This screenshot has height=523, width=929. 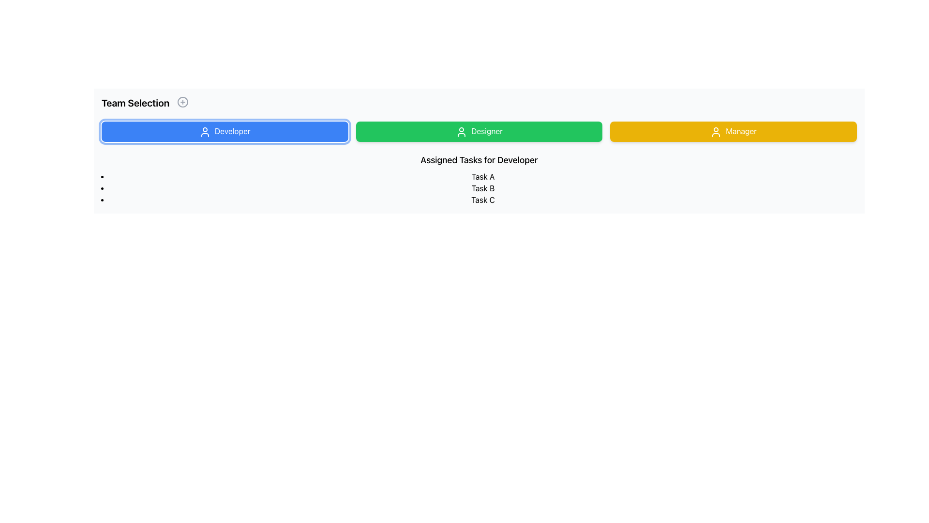 I want to click on the blue rectangular button labeled 'Developer' with a user icon, so click(x=224, y=131).